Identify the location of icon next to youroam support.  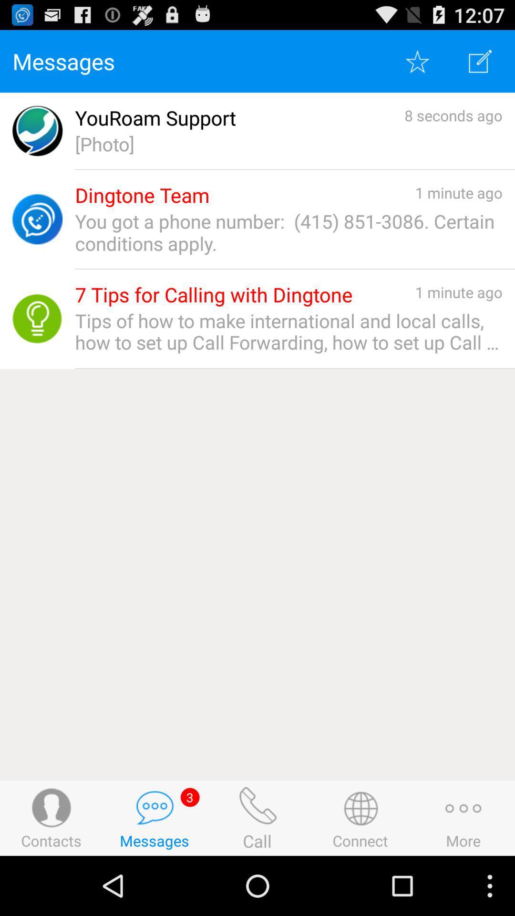
(453, 114).